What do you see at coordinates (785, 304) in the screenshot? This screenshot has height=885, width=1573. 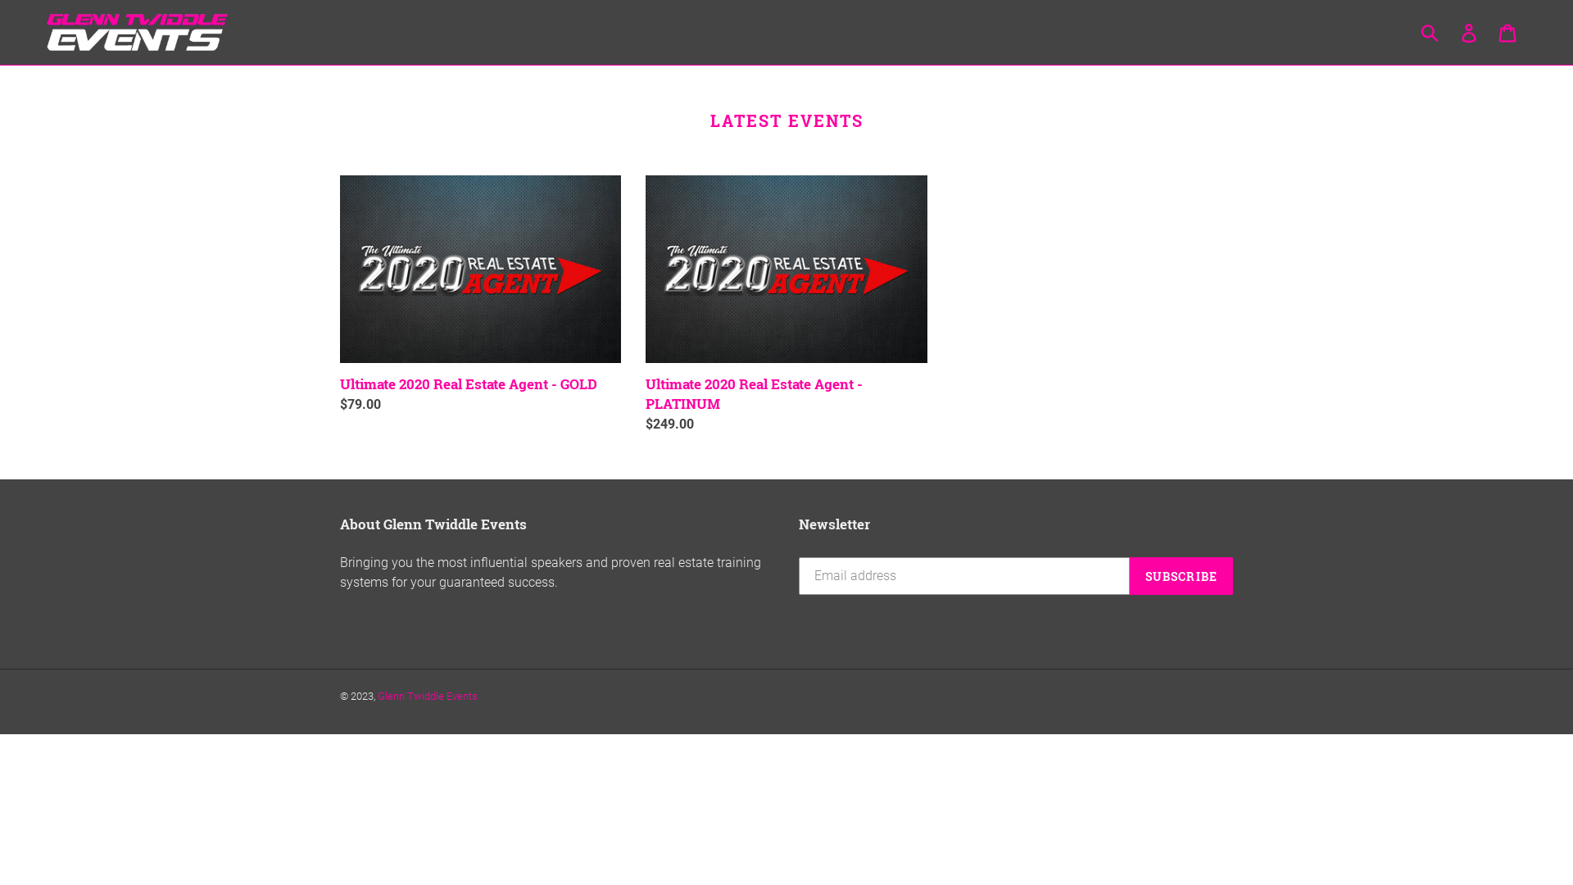 I see `'Ultimate 2020 Real Estate Agent - PLATINUM'` at bounding box center [785, 304].